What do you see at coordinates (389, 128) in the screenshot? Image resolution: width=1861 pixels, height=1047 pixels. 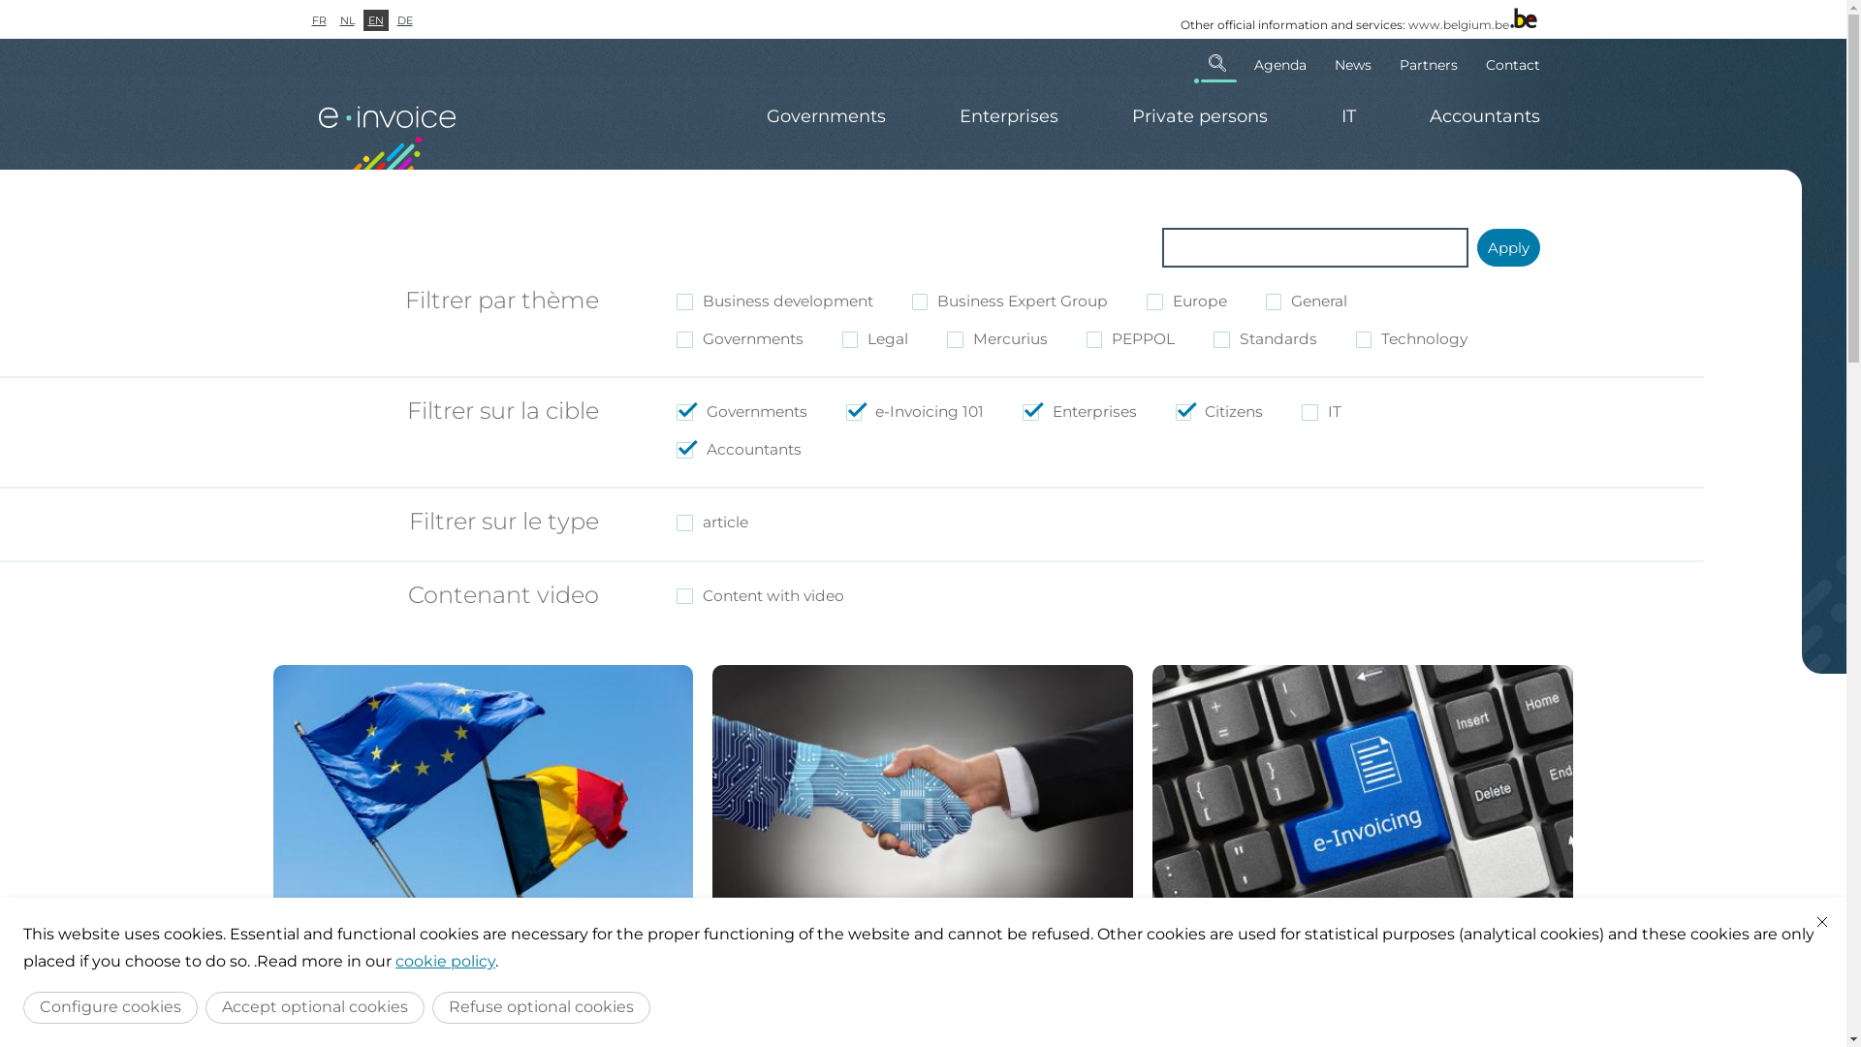 I see `'Back to the homepage'` at bounding box center [389, 128].